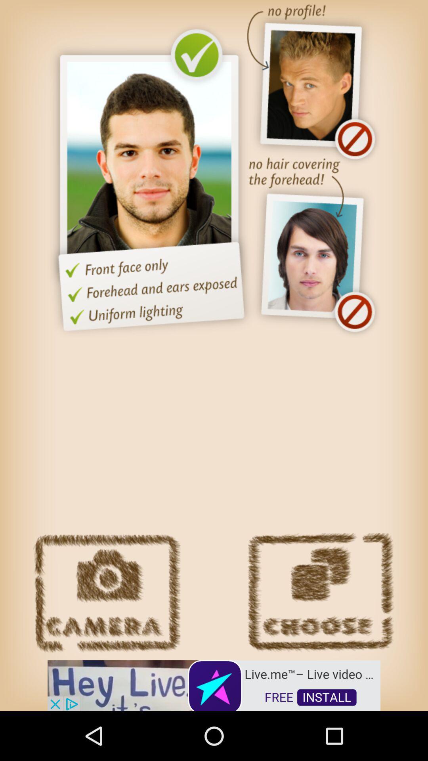 This screenshot has height=761, width=428. What do you see at coordinates (214, 685) in the screenshot?
I see `view advertisement` at bounding box center [214, 685].